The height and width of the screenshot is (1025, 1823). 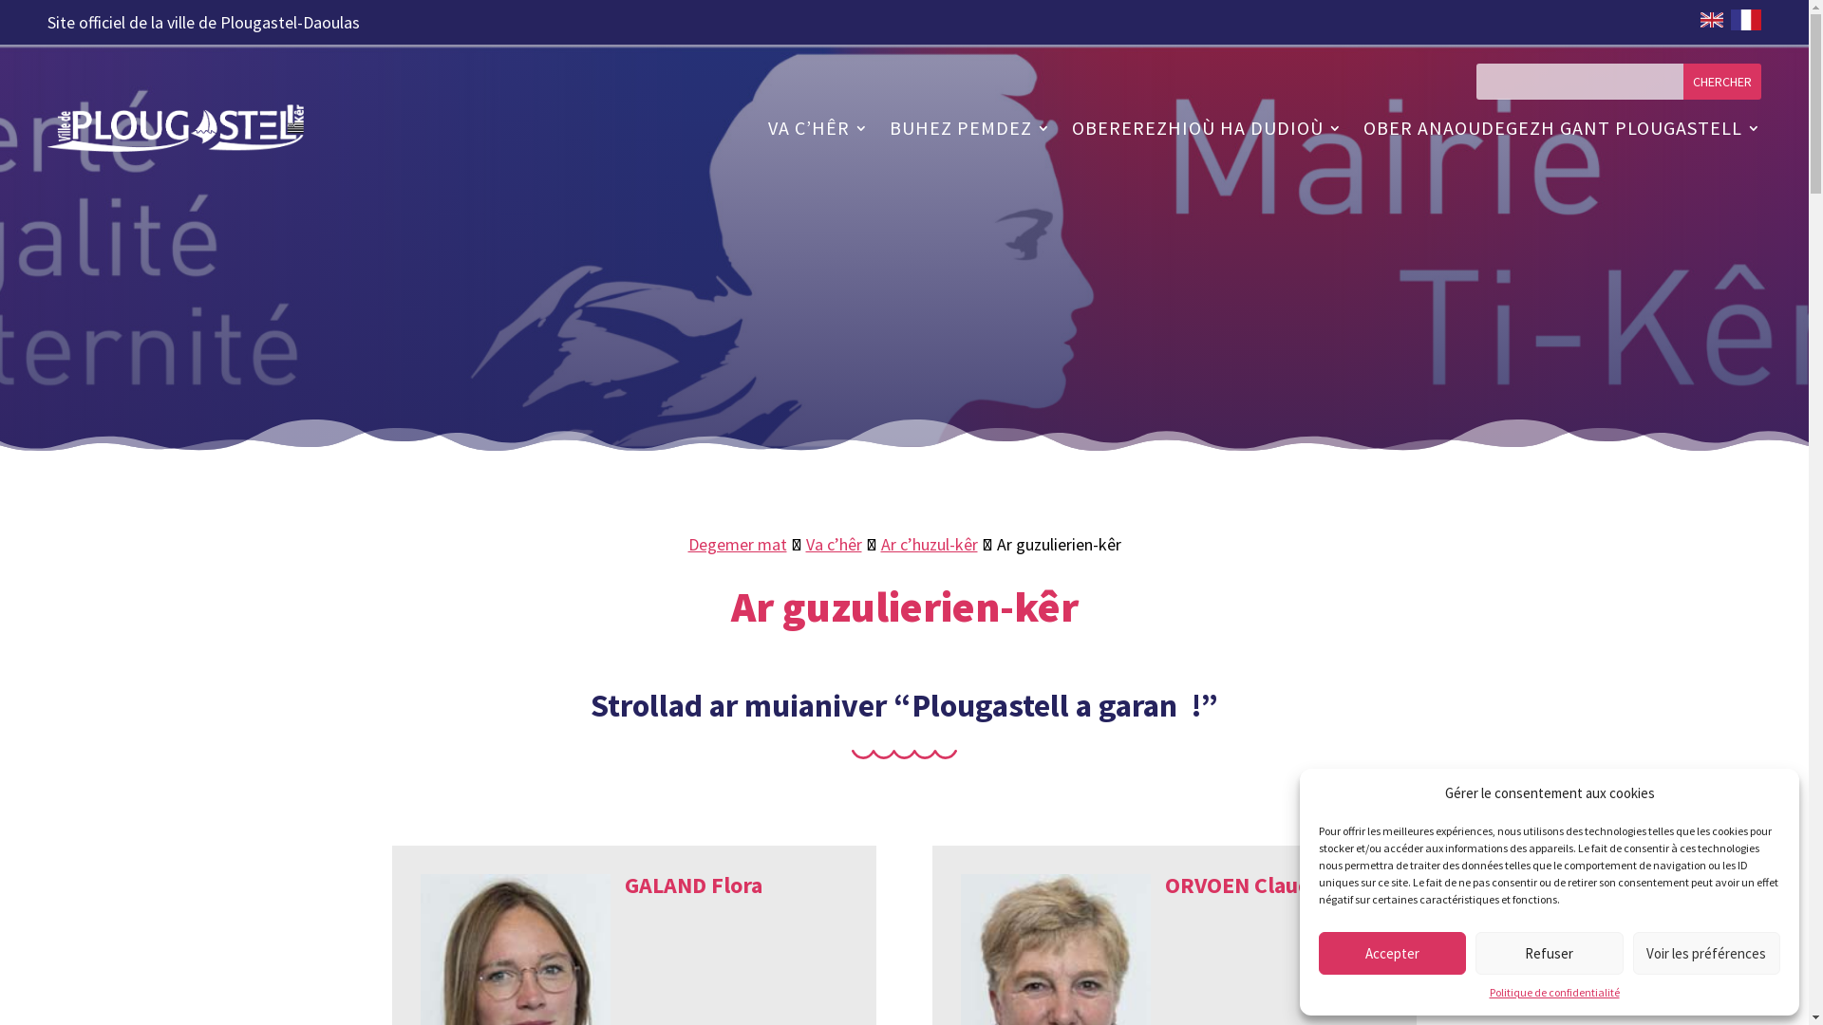 I want to click on 'Accepter', so click(x=1392, y=953).